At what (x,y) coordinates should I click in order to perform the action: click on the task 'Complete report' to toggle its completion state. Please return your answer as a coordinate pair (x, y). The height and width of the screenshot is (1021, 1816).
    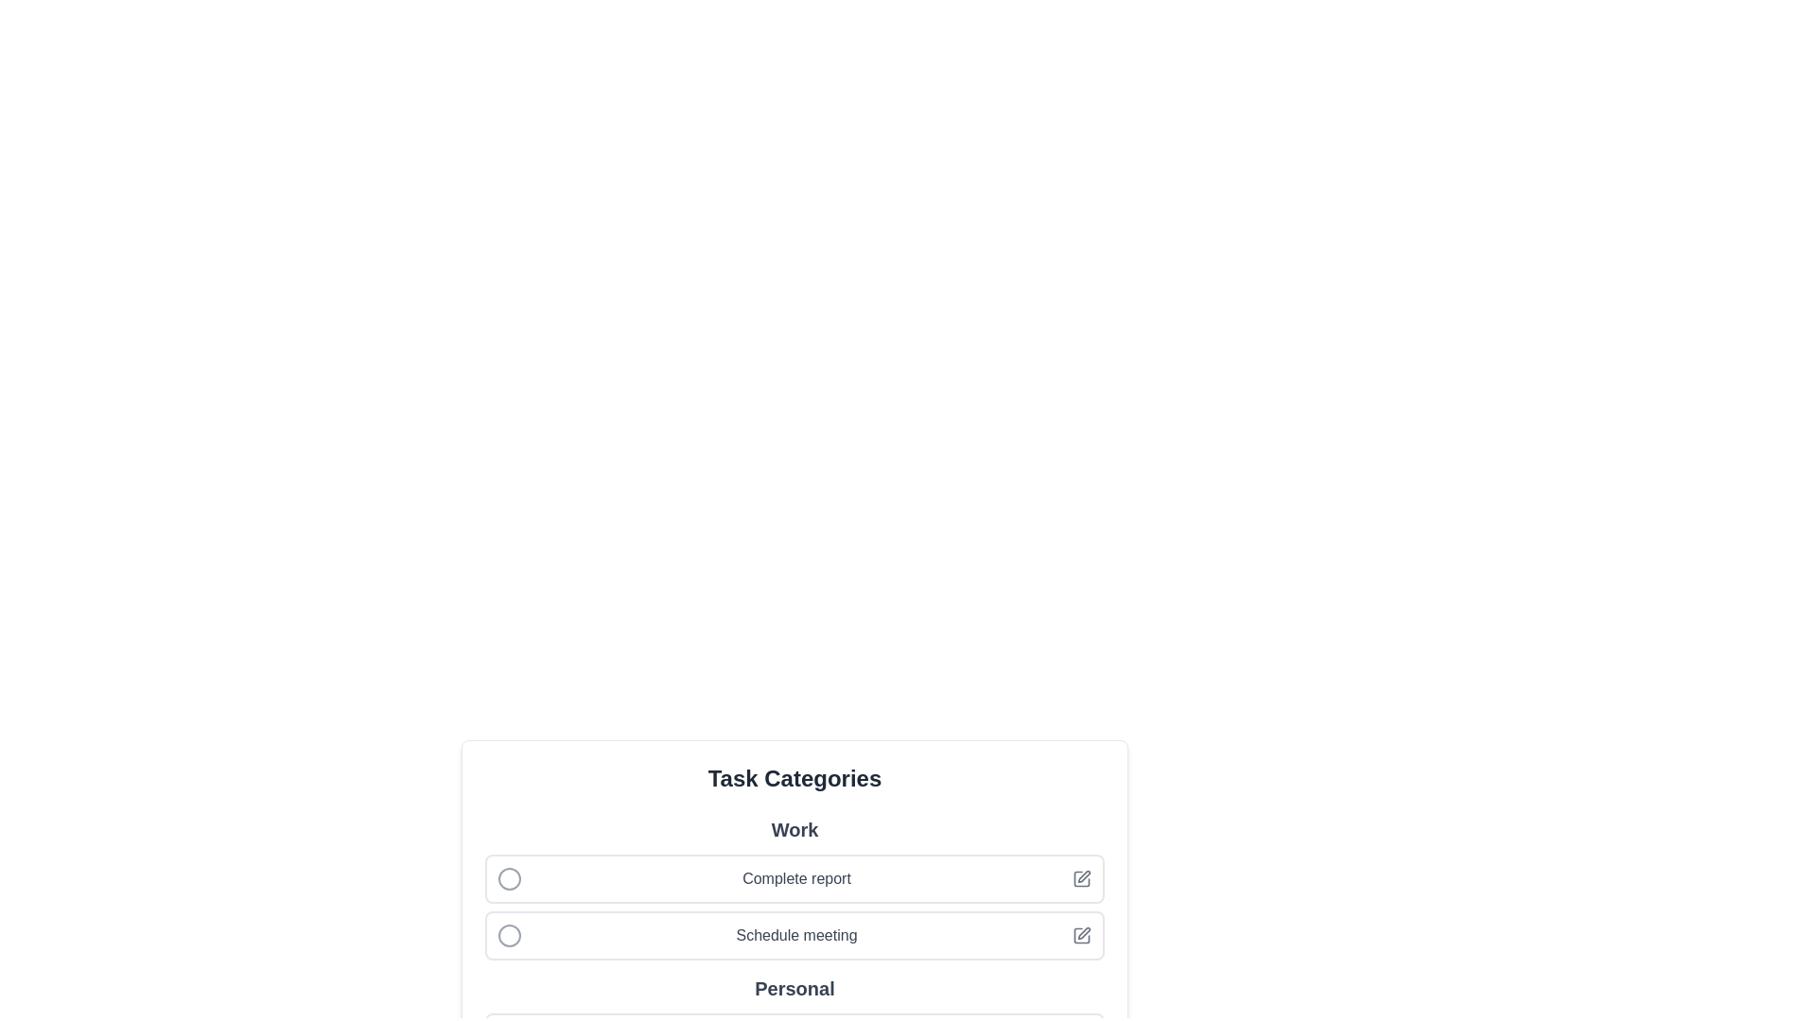
    Looking at the image, I should click on (509, 878).